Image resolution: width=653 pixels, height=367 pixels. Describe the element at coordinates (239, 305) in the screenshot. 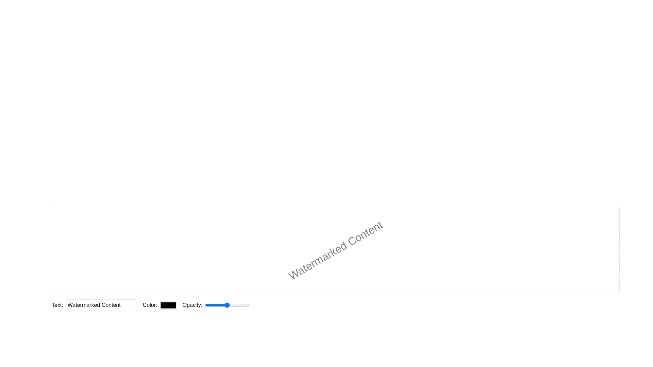

I see `opacity` at that location.